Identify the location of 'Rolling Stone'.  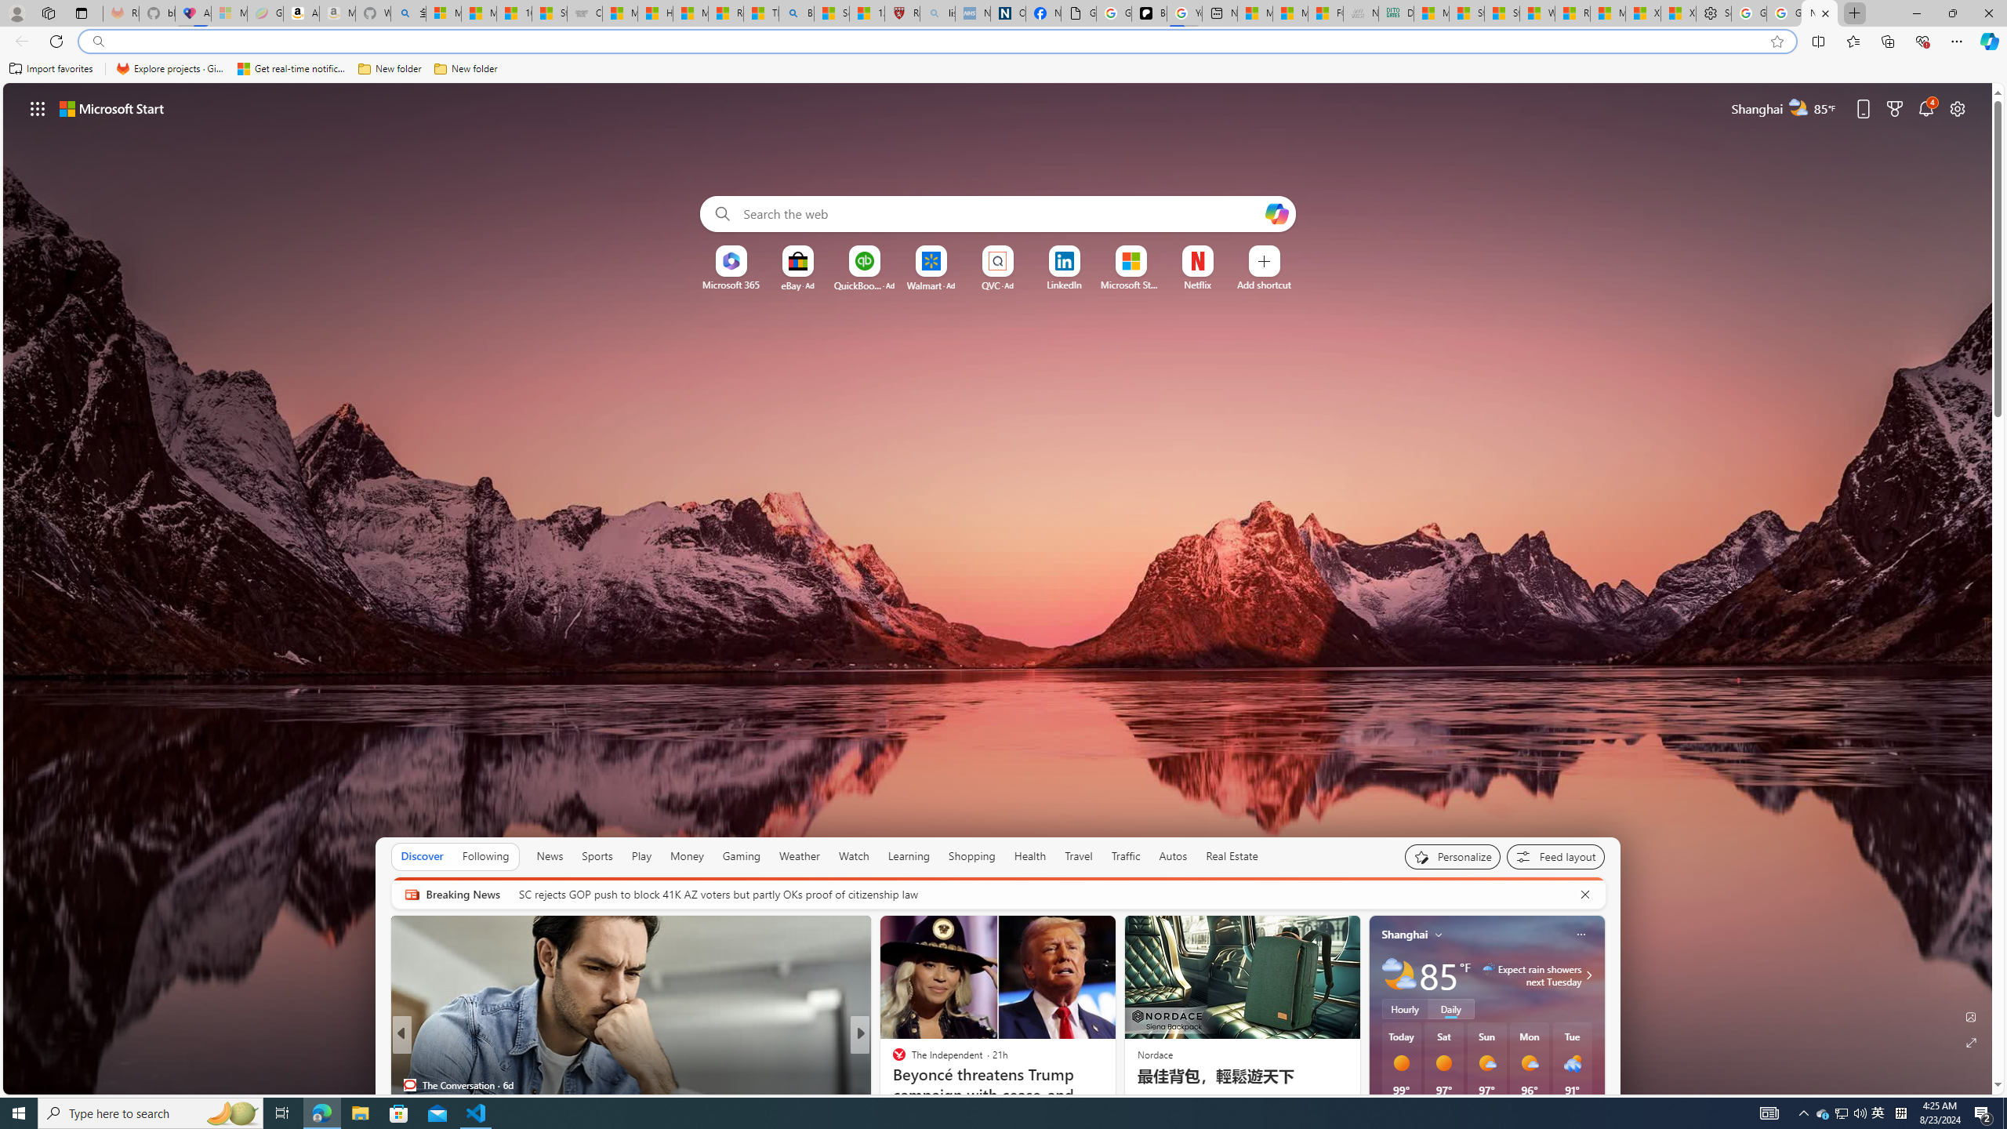
(891, 1059).